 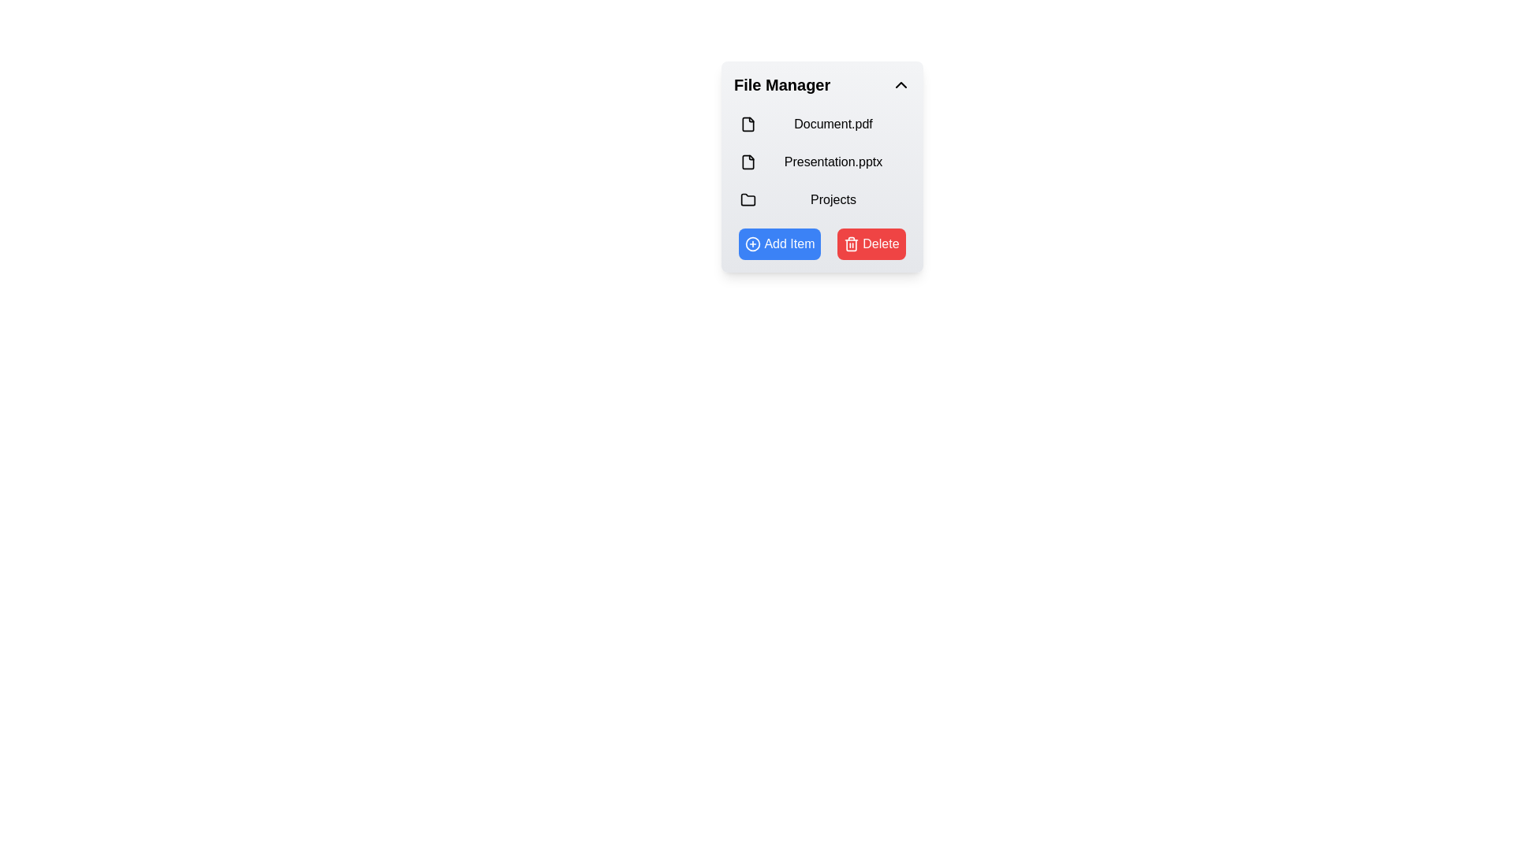 What do you see at coordinates (821, 124) in the screenshot?
I see `the List Item displaying 'Document.pdf' in the 'File Manager' section` at bounding box center [821, 124].